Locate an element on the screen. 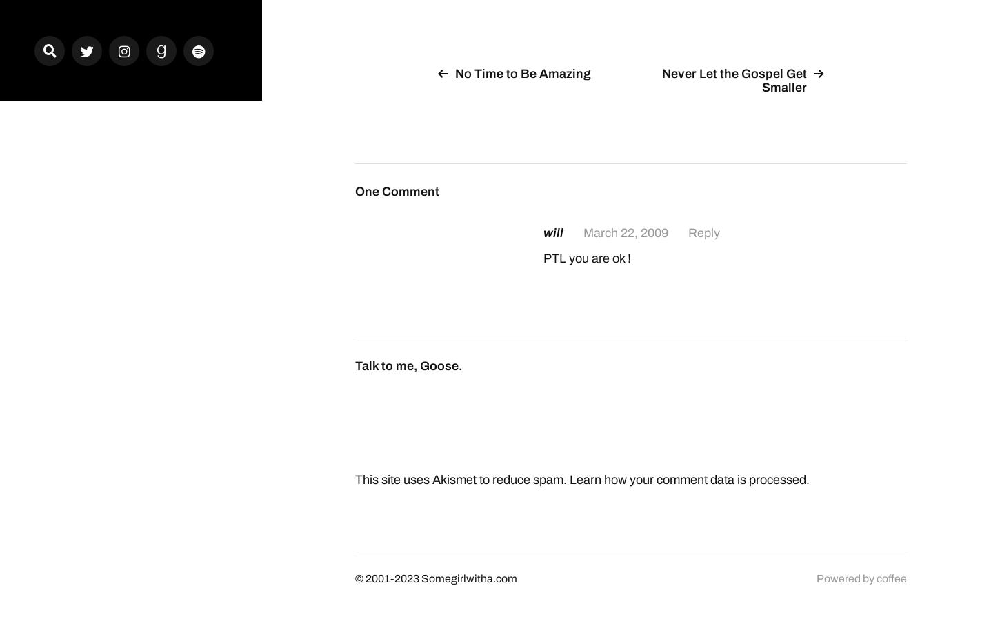 Image resolution: width=1000 pixels, height=639 pixels. 'Learn how your comment data is processed' is located at coordinates (688, 478).